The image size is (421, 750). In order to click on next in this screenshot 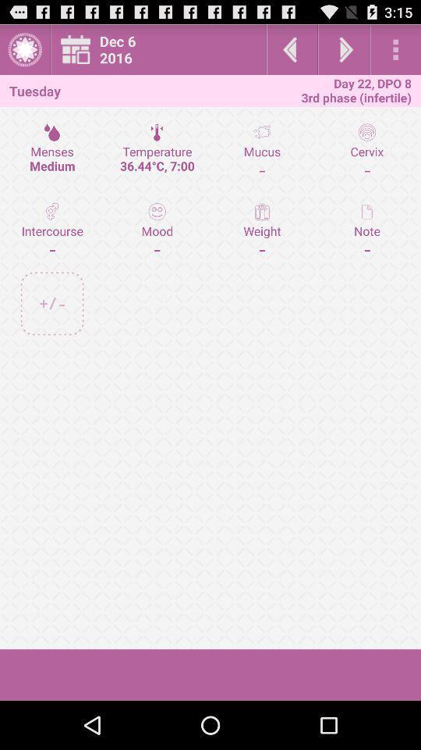, I will do `click(344, 49)`.